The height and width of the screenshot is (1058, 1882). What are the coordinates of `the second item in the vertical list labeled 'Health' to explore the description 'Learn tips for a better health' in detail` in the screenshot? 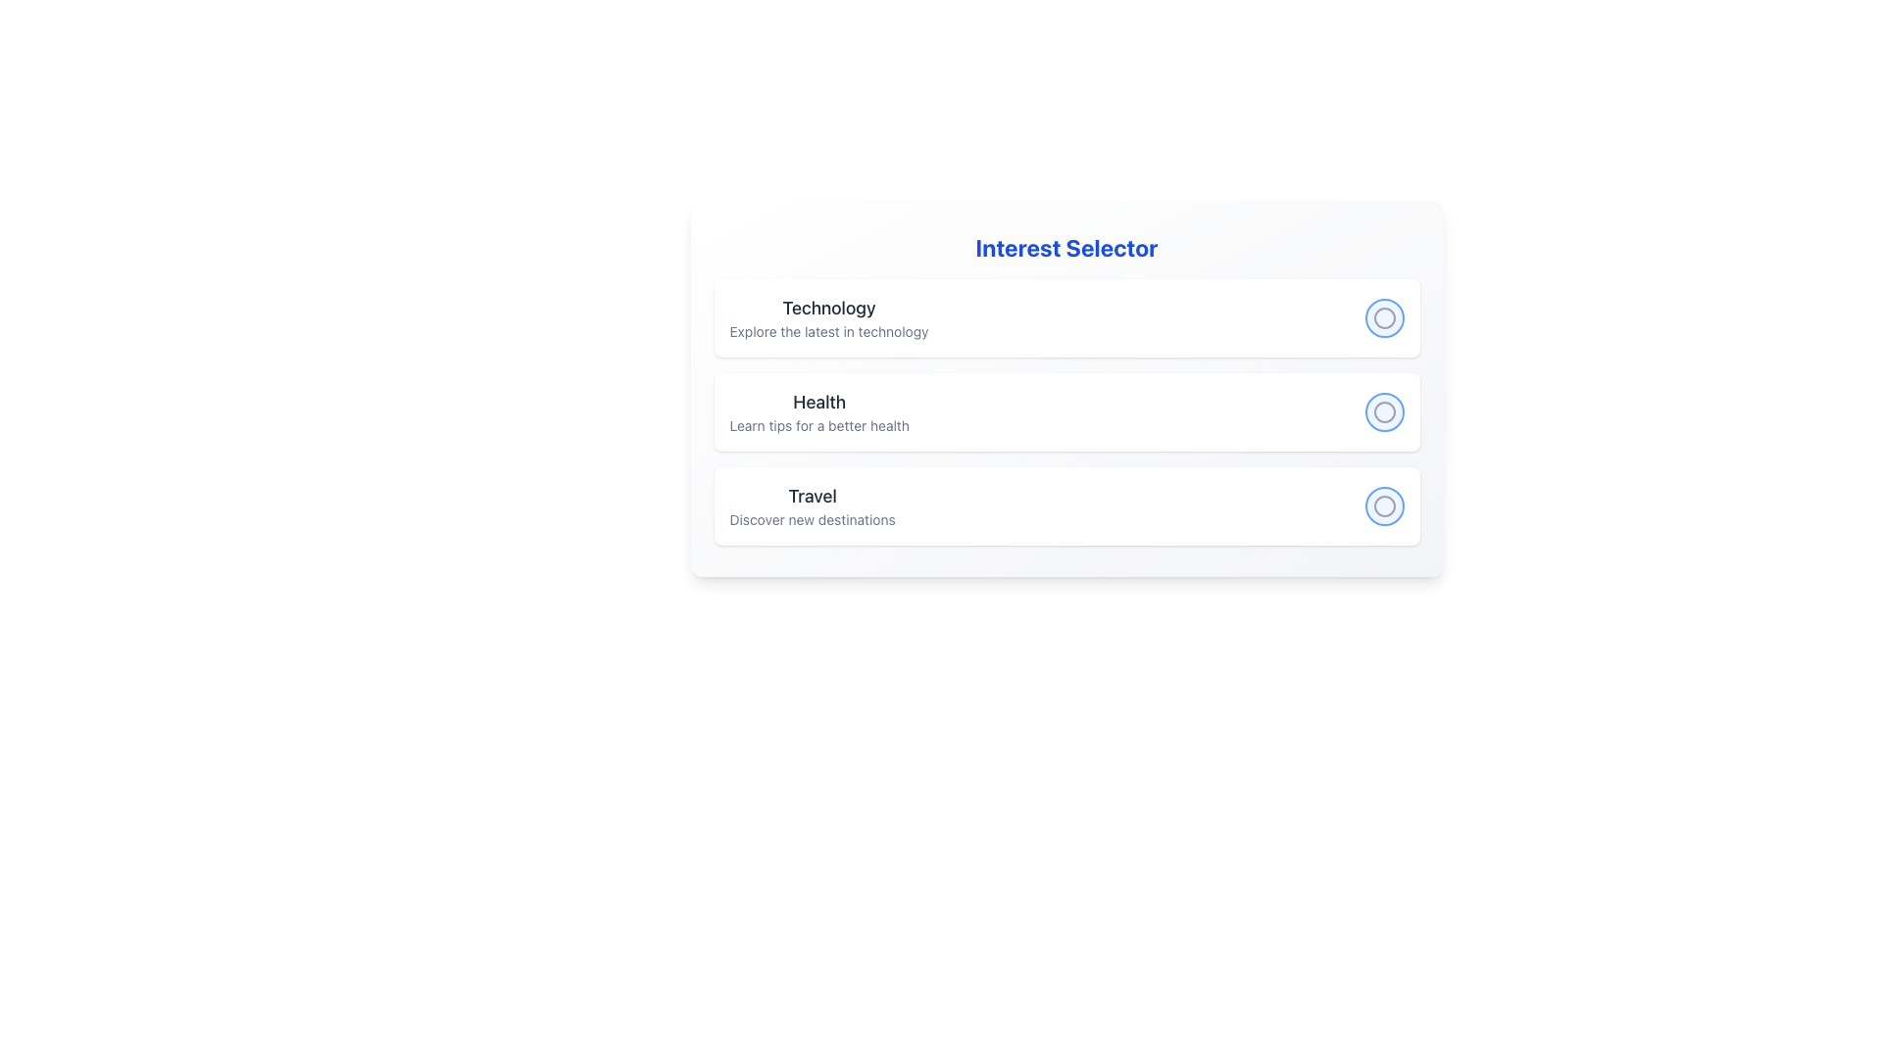 It's located at (1065, 410).